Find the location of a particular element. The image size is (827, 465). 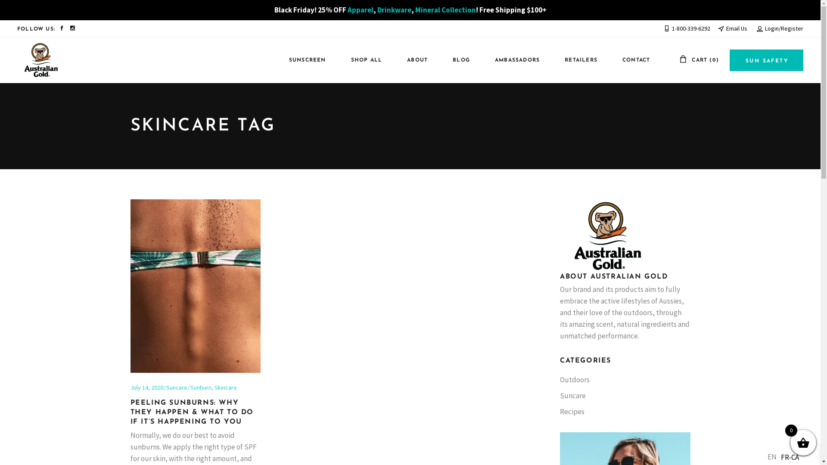

'AMBASSADORS' is located at coordinates (513, 60).